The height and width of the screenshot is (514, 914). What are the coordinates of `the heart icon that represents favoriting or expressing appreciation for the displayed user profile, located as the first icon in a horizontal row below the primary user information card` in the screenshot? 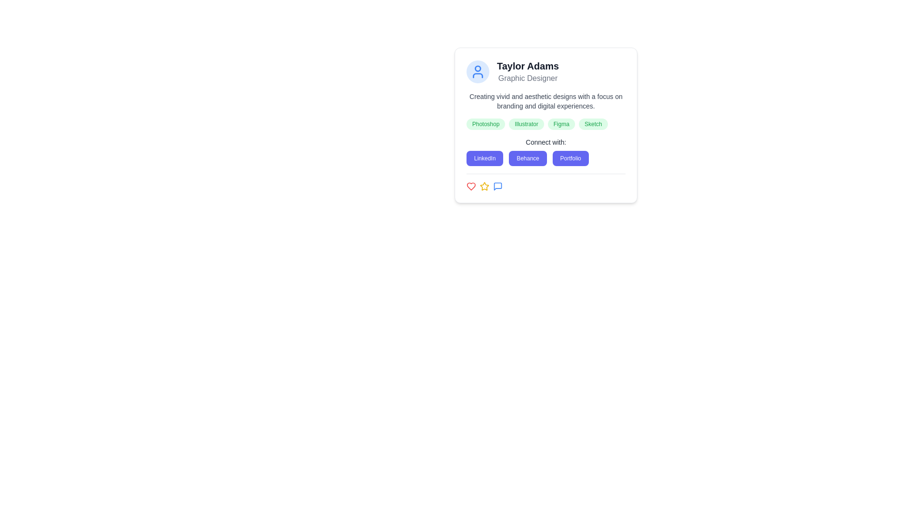 It's located at (471, 187).